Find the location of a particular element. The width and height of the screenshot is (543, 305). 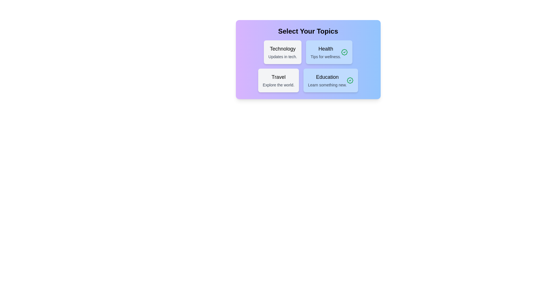

the chip labeled Technology to observe the hover effect is located at coordinates (283, 52).